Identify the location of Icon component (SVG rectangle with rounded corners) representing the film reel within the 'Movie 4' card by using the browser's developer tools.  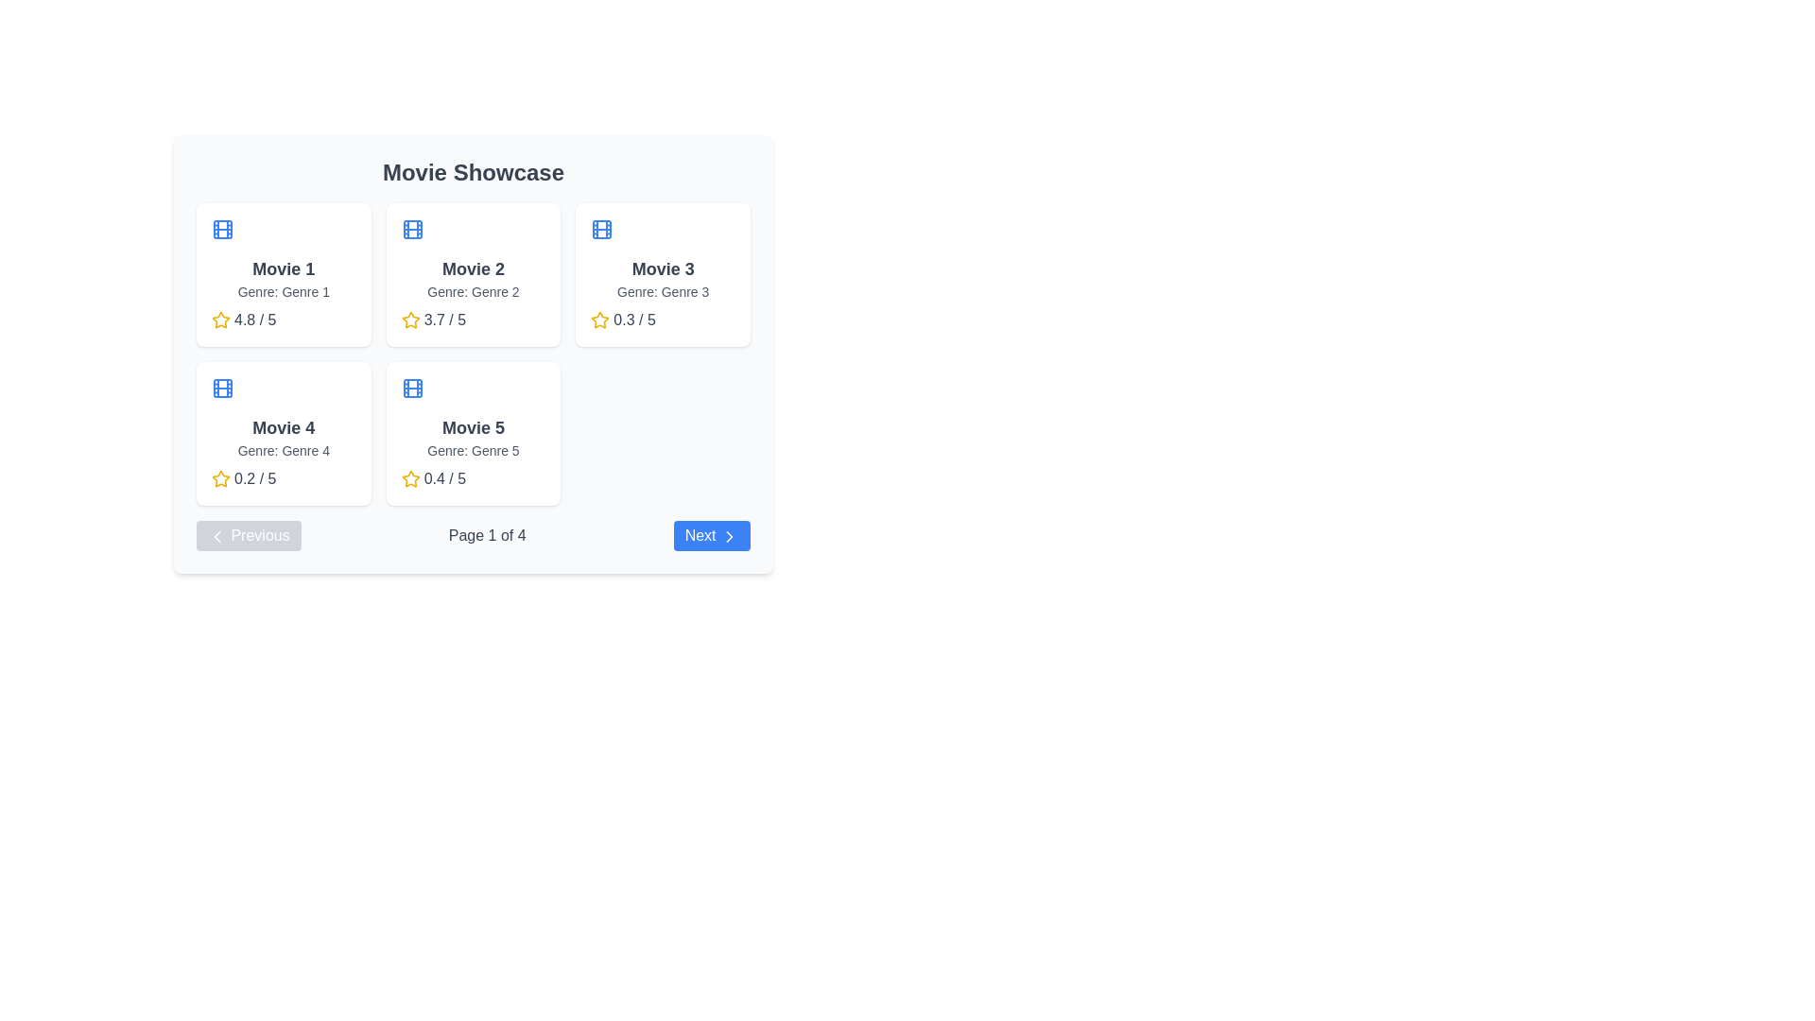
(222, 388).